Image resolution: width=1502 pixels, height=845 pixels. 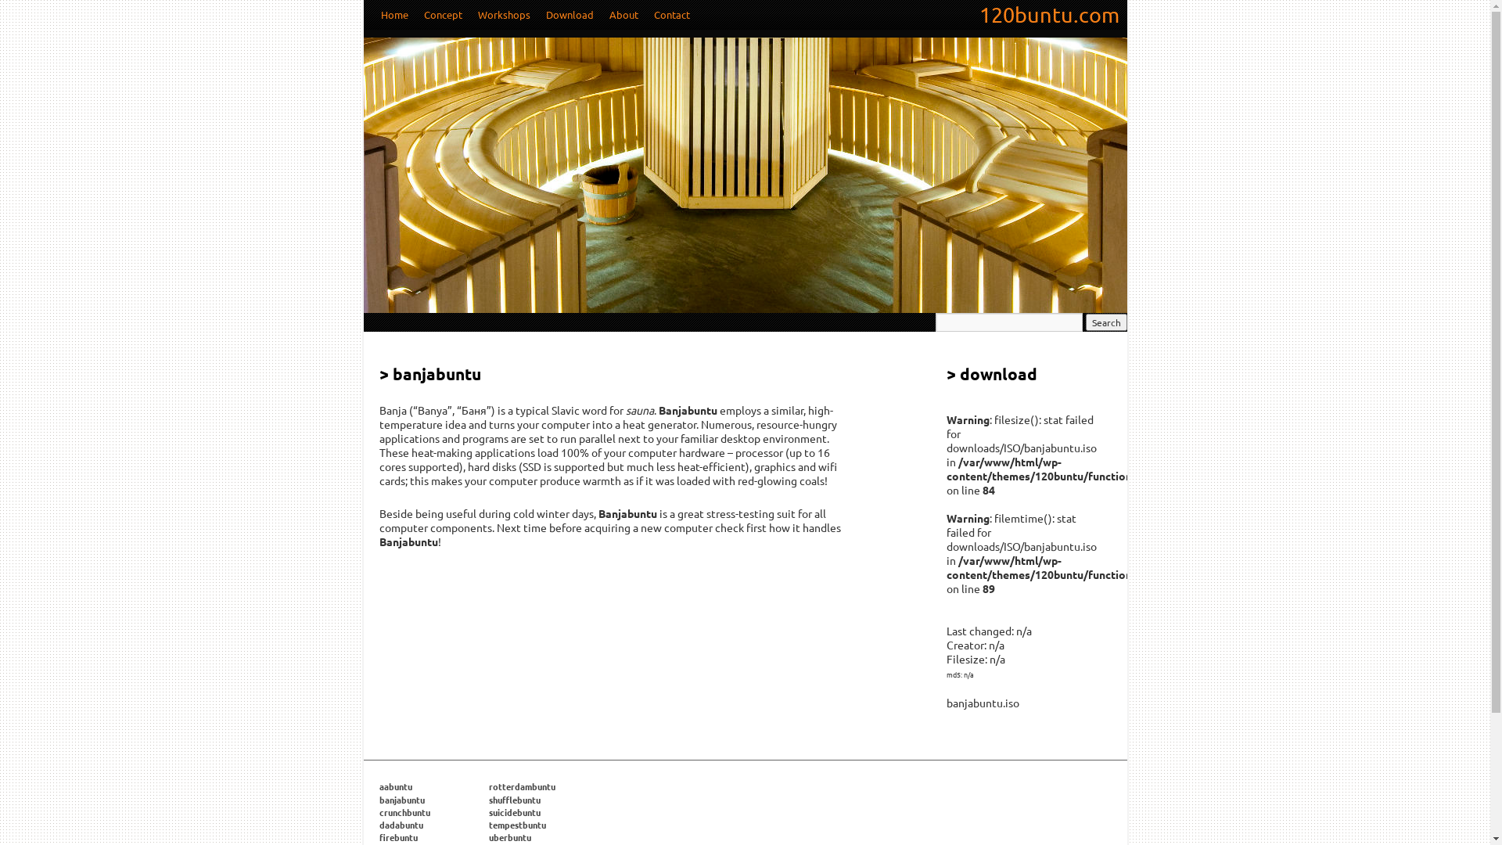 I want to click on 'uberbuntu', so click(x=509, y=836).